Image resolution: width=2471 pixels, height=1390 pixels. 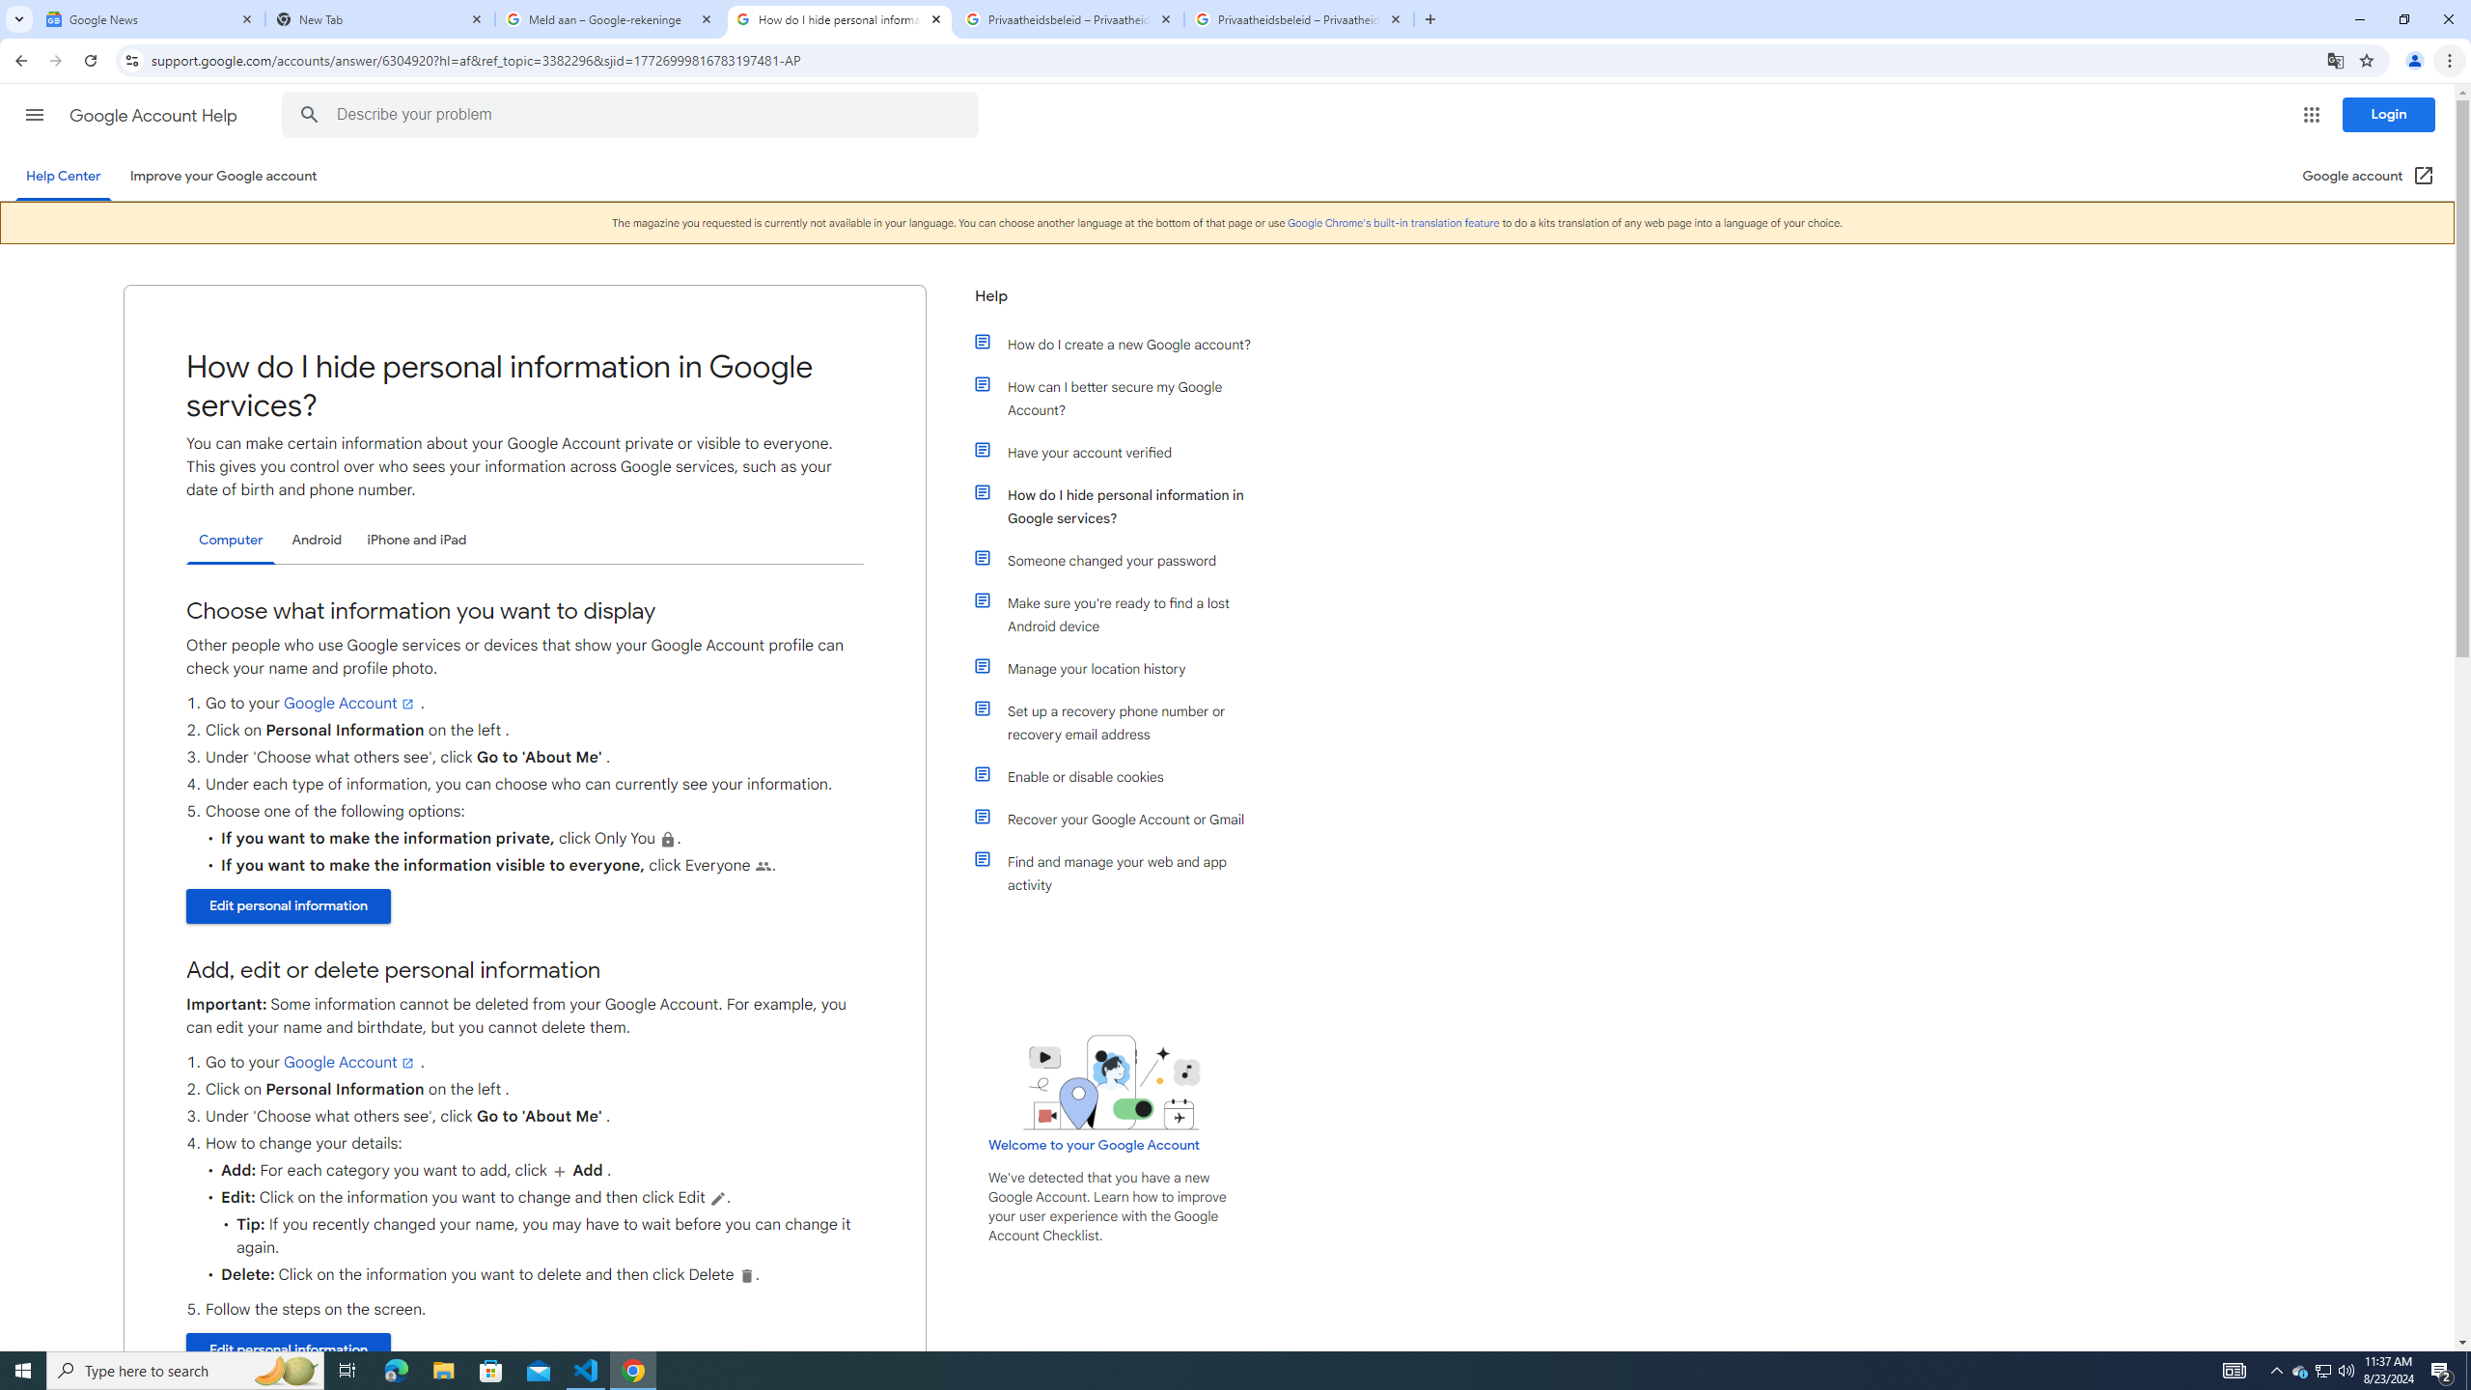 I want to click on 'New Tab', so click(x=380, y=18).